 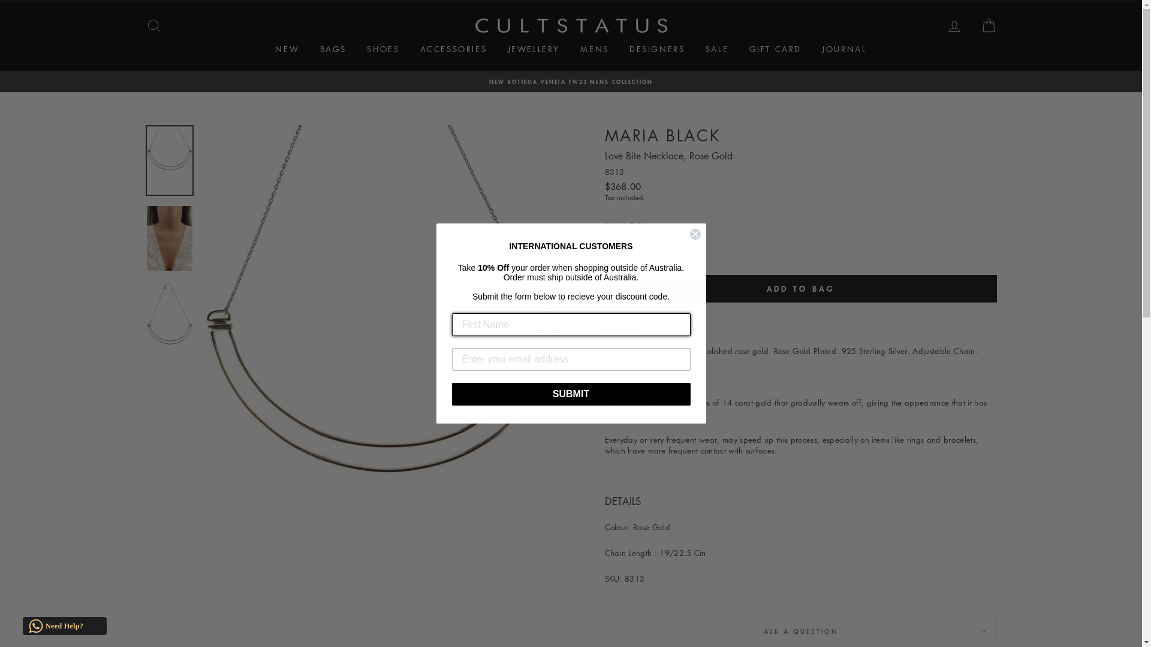 I want to click on 'MENS', so click(x=594, y=48).